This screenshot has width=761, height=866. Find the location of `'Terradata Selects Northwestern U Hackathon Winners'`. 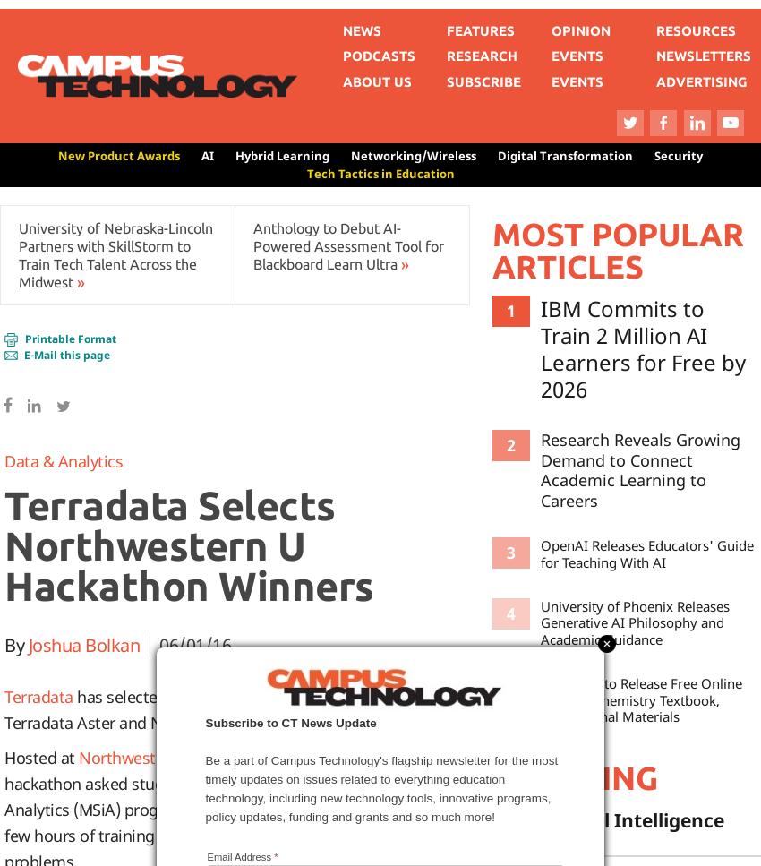

'Terradata Selects Northwestern U Hackathon Winners' is located at coordinates (4, 545).